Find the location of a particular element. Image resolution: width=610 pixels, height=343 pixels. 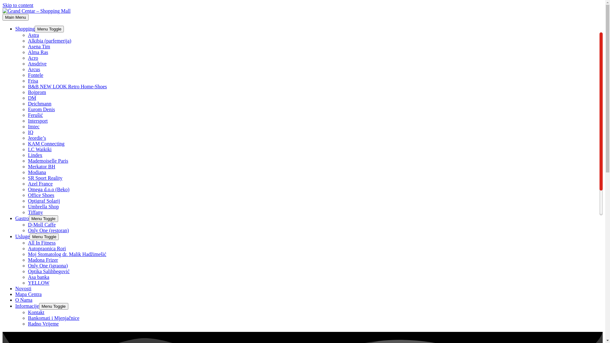

'IQ' is located at coordinates (30, 132).